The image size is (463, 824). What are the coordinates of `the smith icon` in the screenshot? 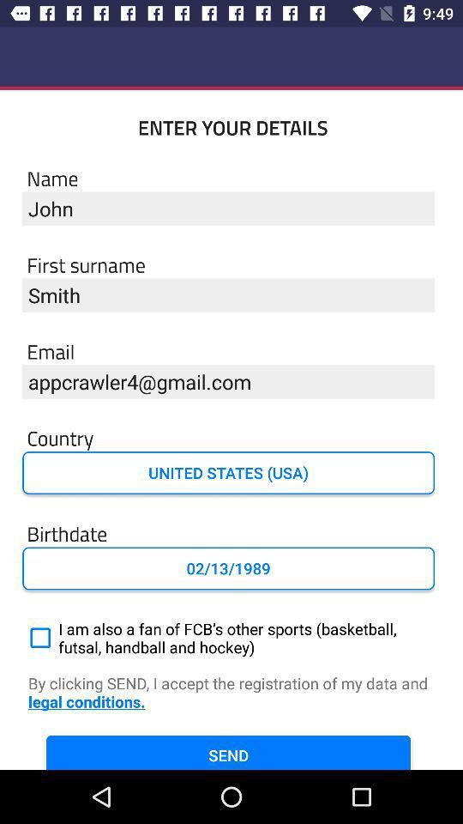 It's located at (228, 295).